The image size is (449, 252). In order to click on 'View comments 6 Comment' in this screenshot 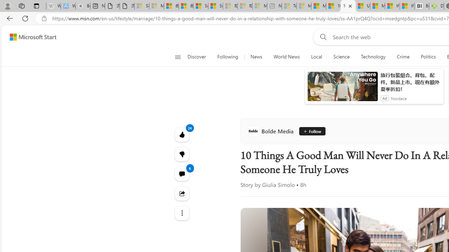, I will do `click(182, 173)`.